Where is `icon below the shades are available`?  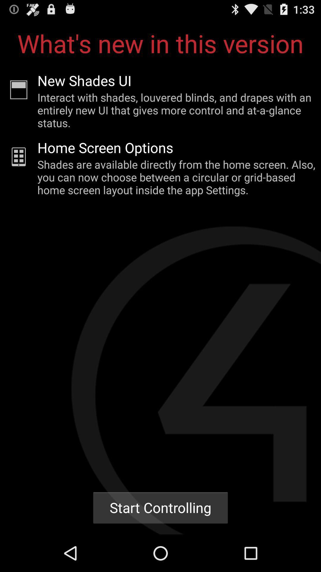
icon below the shades are available is located at coordinates (160, 507).